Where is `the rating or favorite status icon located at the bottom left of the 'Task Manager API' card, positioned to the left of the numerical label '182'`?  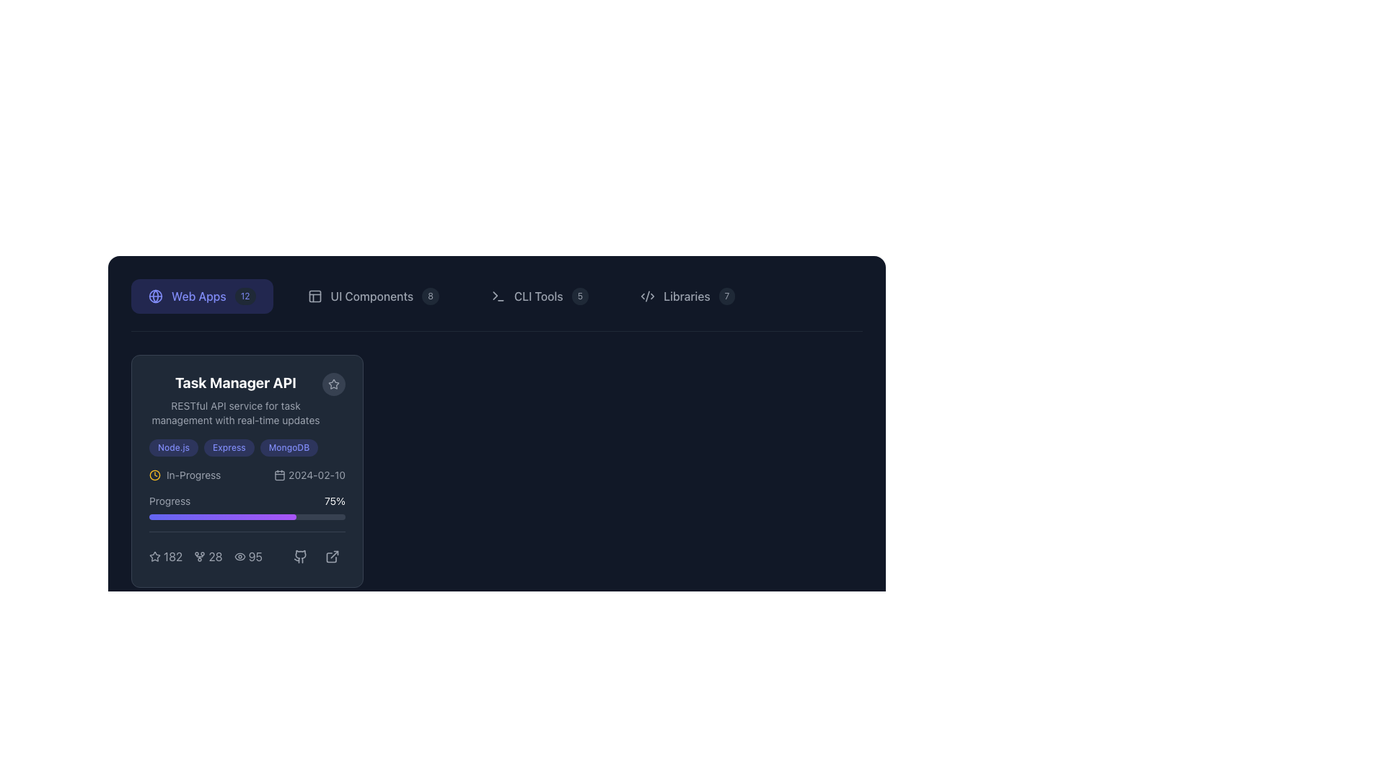 the rating or favorite status icon located at the bottom left of the 'Task Manager API' card, positioned to the left of the numerical label '182' is located at coordinates (155, 555).